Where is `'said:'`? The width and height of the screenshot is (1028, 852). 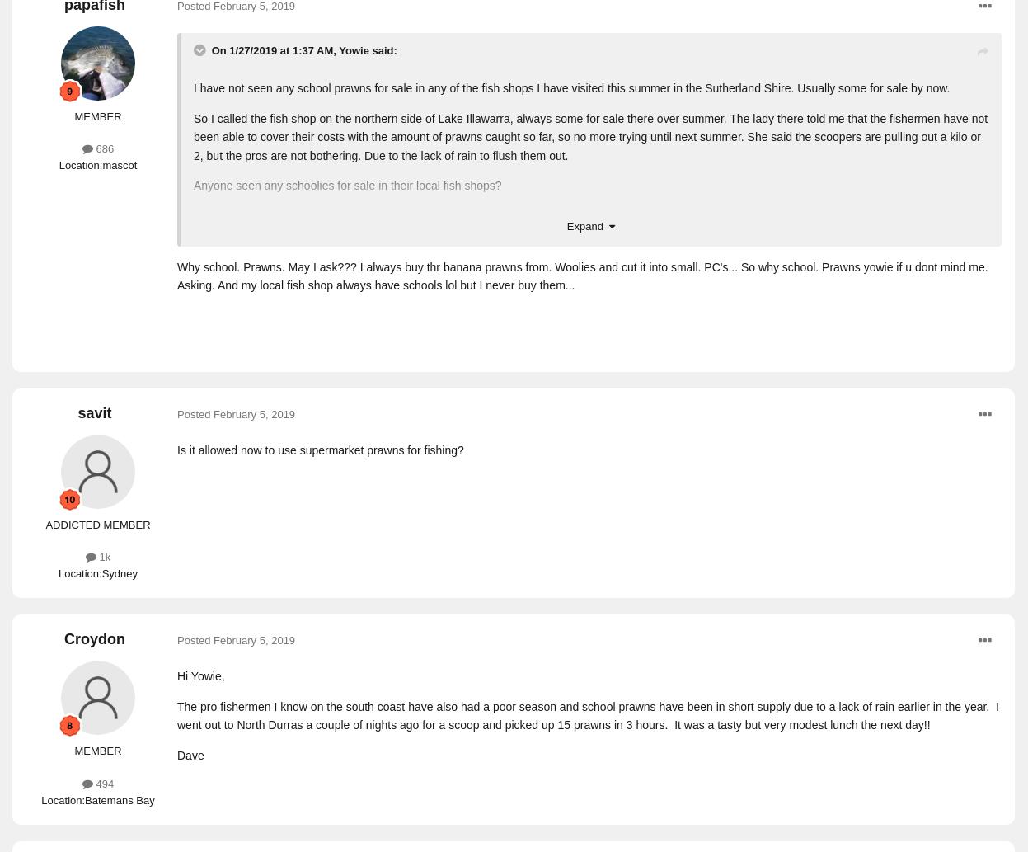 'said:' is located at coordinates (382, 49).